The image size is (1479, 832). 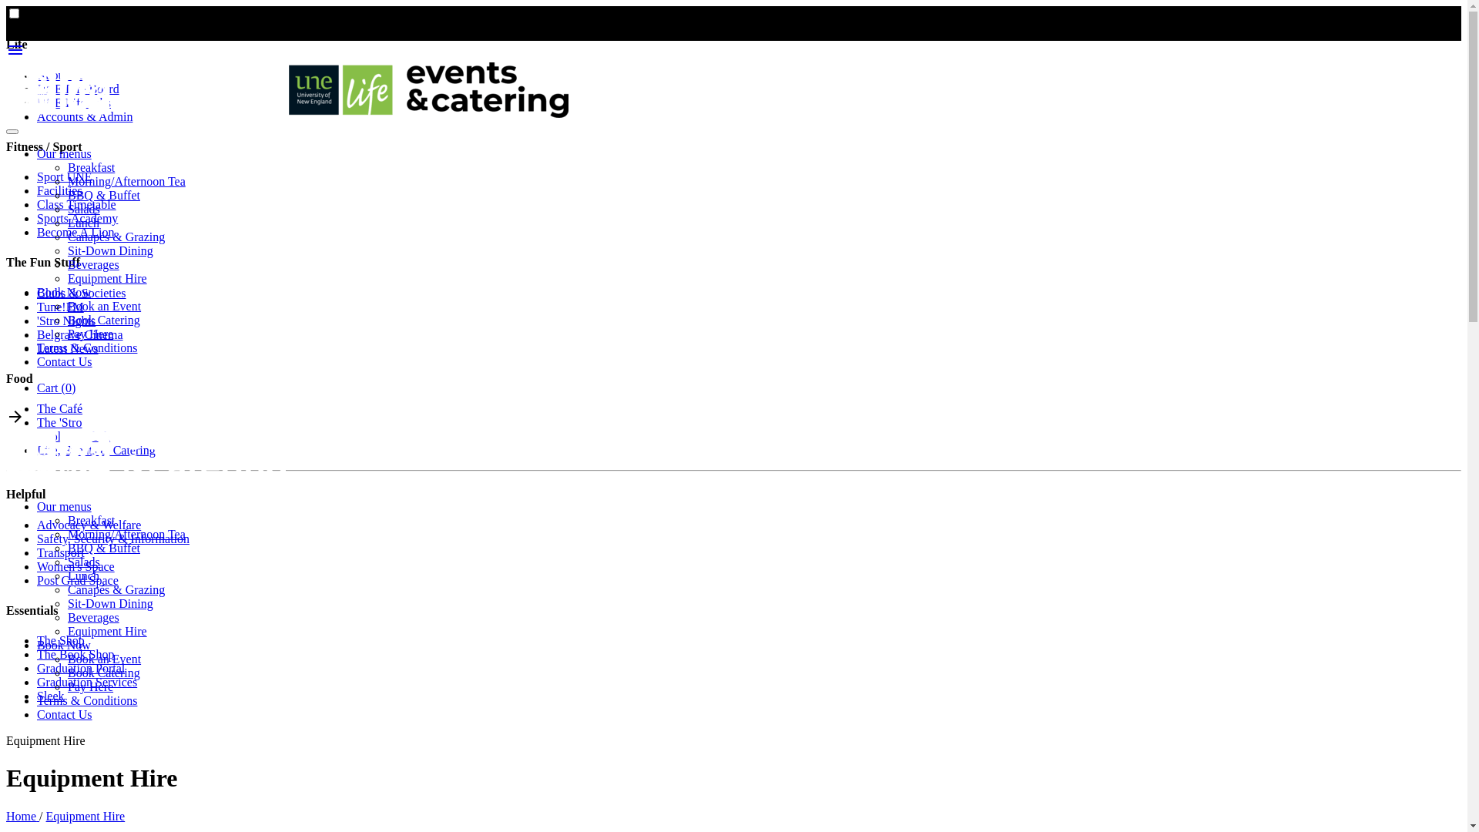 What do you see at coordinates (51, 696) in the screenshot?
I see `'Sleek'` at bounding box center [51, 696].